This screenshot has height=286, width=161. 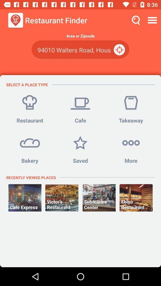 What do you see at coordinates (153, 20) in the screenshot?
I see `icon above the area or zipcode item` at bounding box center [153, 20].